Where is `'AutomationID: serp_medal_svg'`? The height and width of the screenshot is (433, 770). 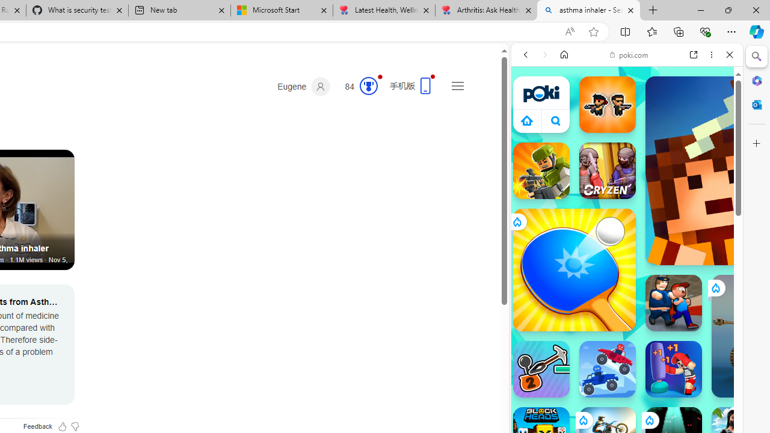 'AutomationID: serp_medal_svg' is located at coordinates (368, 85).